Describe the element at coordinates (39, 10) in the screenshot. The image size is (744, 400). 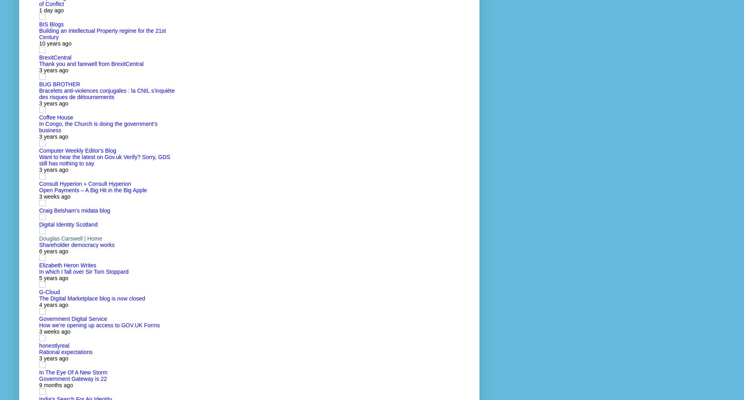
I see `'1 day ago'` at that location.